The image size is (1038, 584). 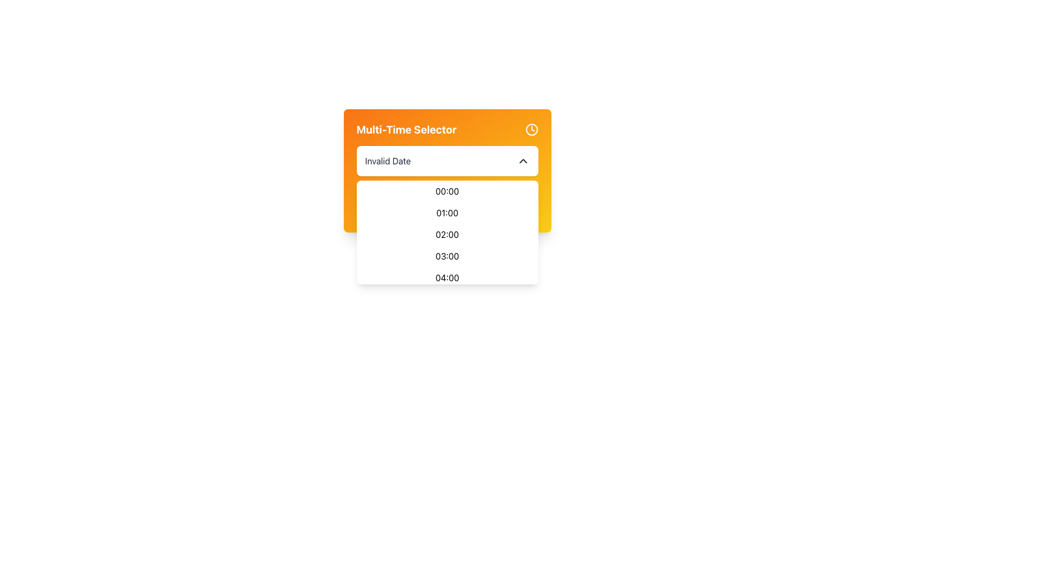 I want to click on the downward chevron icon at the right end of the 'Invalid Date' text field, so click(x=523, y=161).